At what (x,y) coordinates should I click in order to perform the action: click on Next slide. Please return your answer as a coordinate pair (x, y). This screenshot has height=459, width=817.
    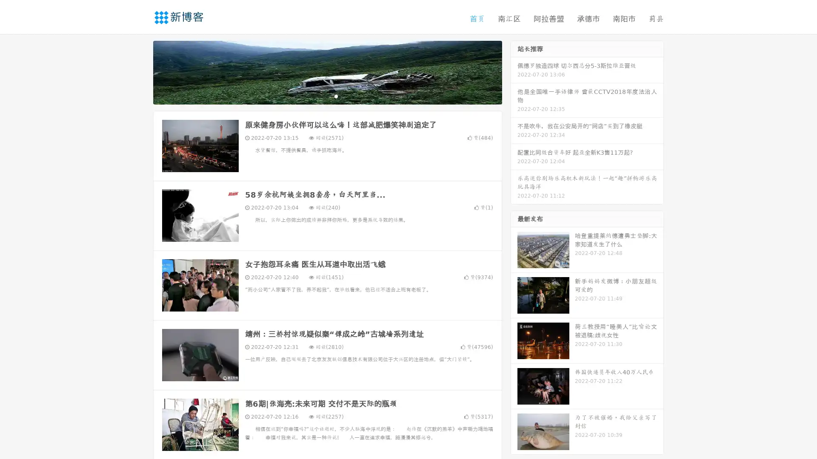
    Looking at the image, I should click on (514, 71).